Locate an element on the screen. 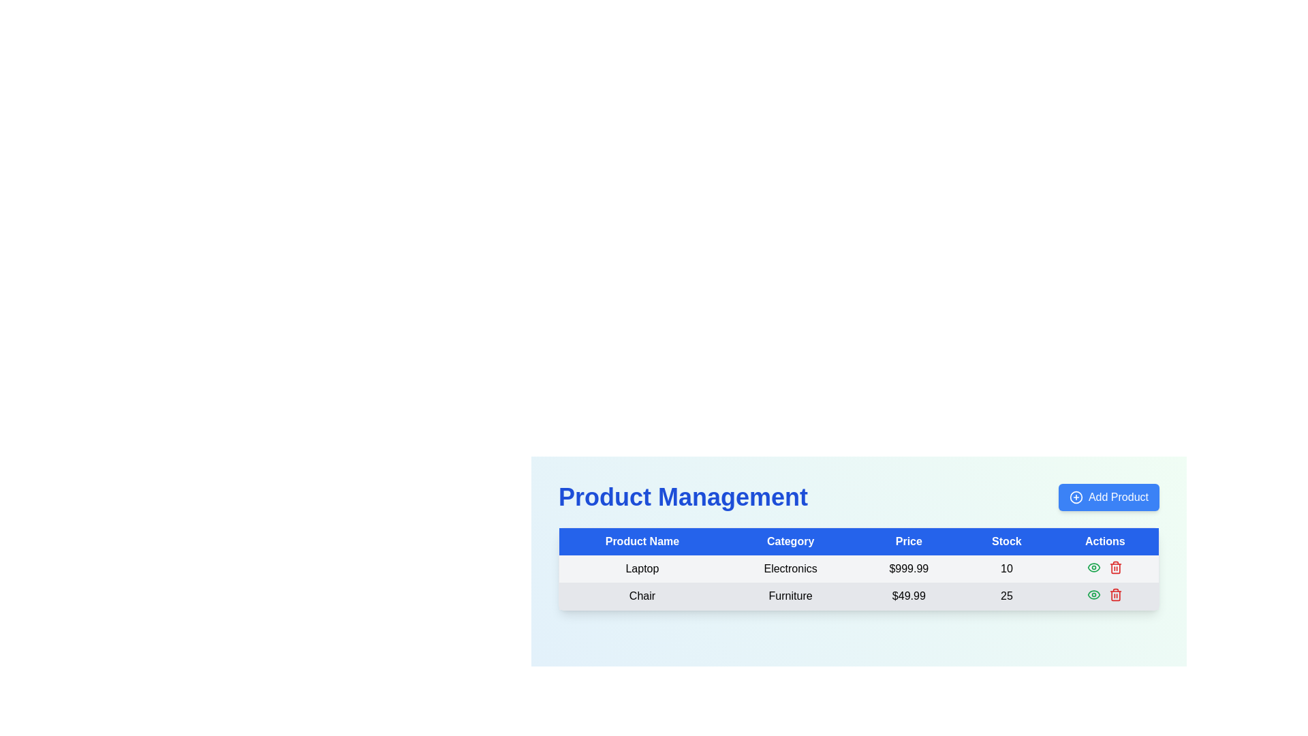  the upper arc of the eye icon in the Actions column of the second row in the Product Management interface is located at coordinates (1094, 568).